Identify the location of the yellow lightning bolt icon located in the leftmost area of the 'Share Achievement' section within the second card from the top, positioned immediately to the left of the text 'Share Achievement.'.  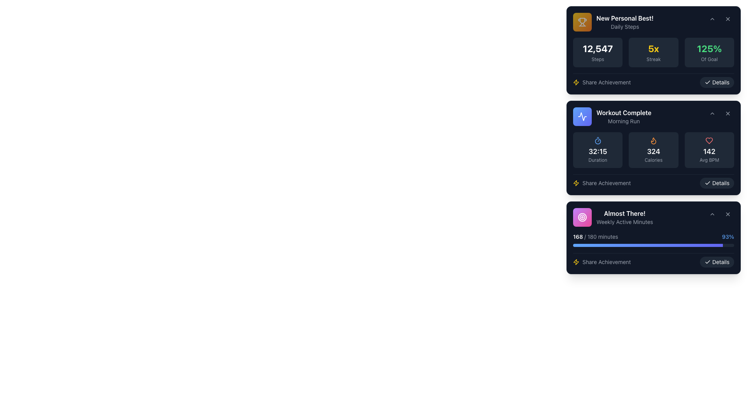
(576, 82).